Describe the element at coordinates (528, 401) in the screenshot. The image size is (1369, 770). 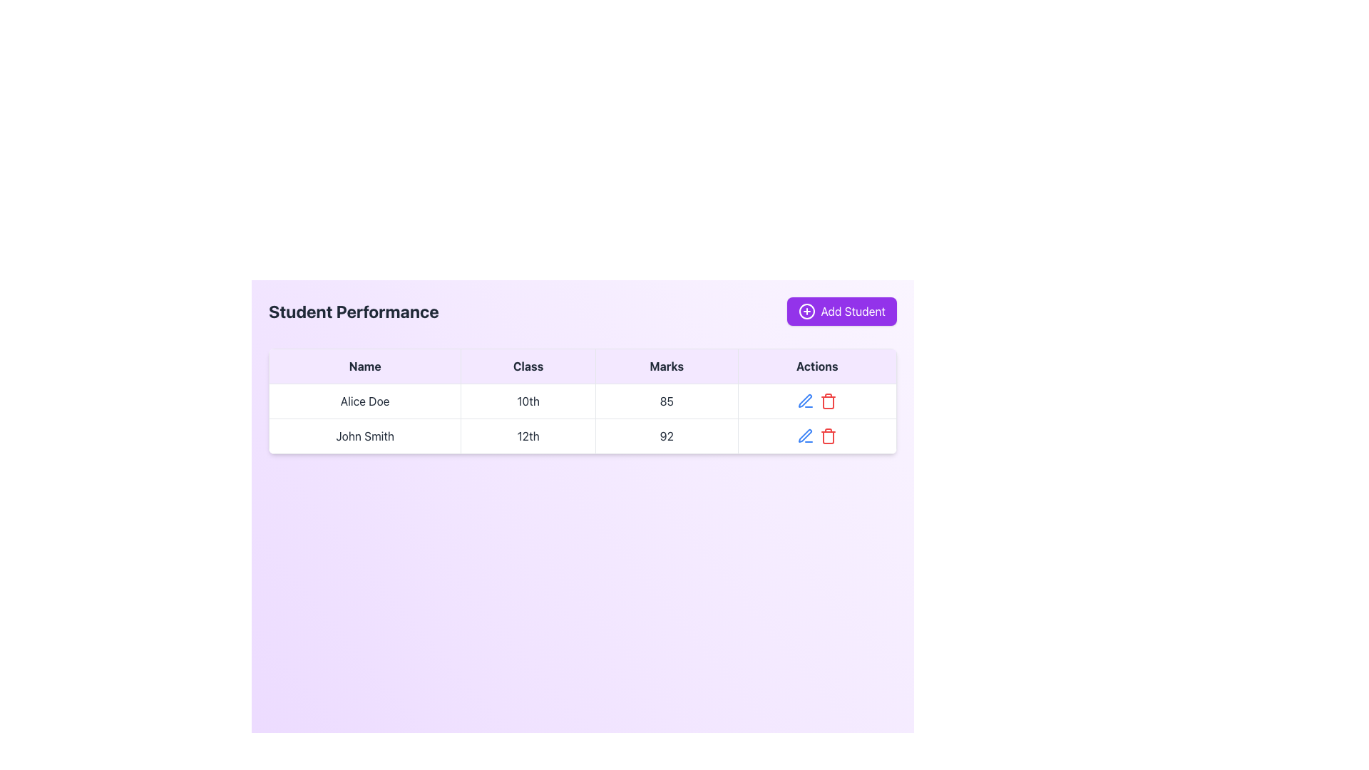
I see `the table cell displaying the grade level '10th' for the student 'Alice Doe', located in the 'Class' column` at that location.